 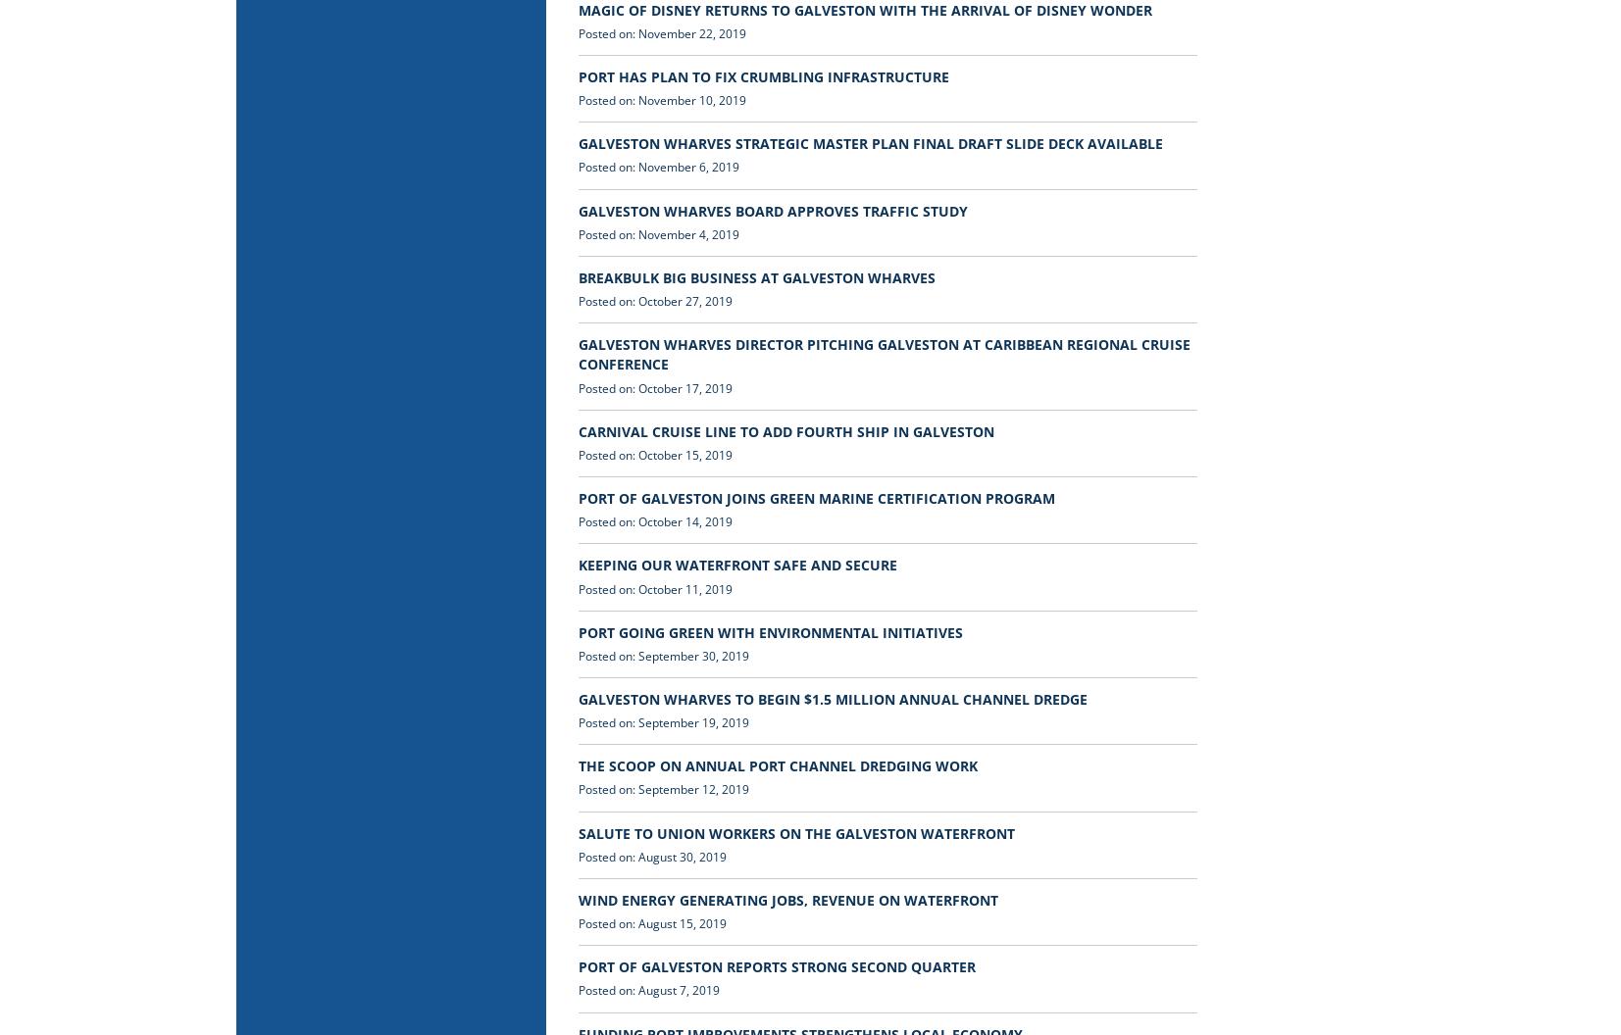 What do you see at coordinates (577, 789) in the screenshot?
I see `'Posted on: September 12, 2019'` at bounding box center [577, 789].